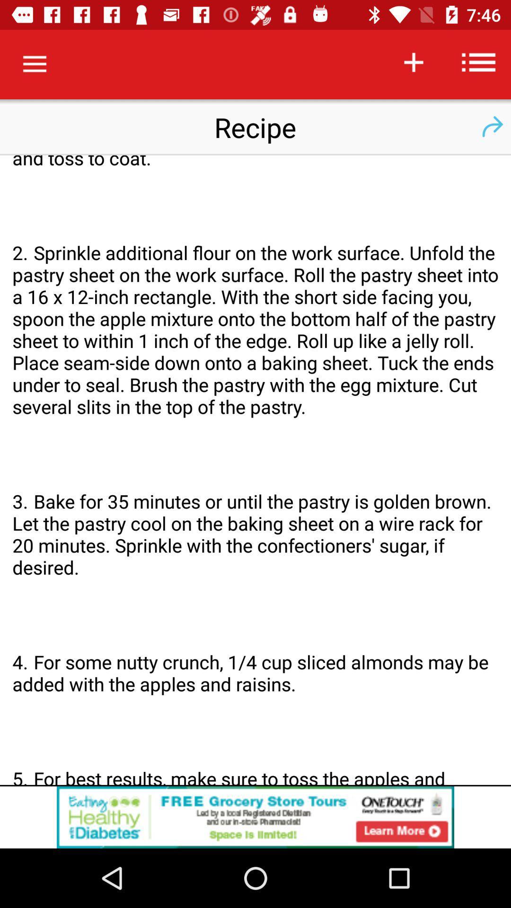 Image resolution: width=511 pixels, height=908 pixels. What do you see at coordinates (255, 817) in the screenshot?
I see `advertisement` at bounding box center [255, 817].